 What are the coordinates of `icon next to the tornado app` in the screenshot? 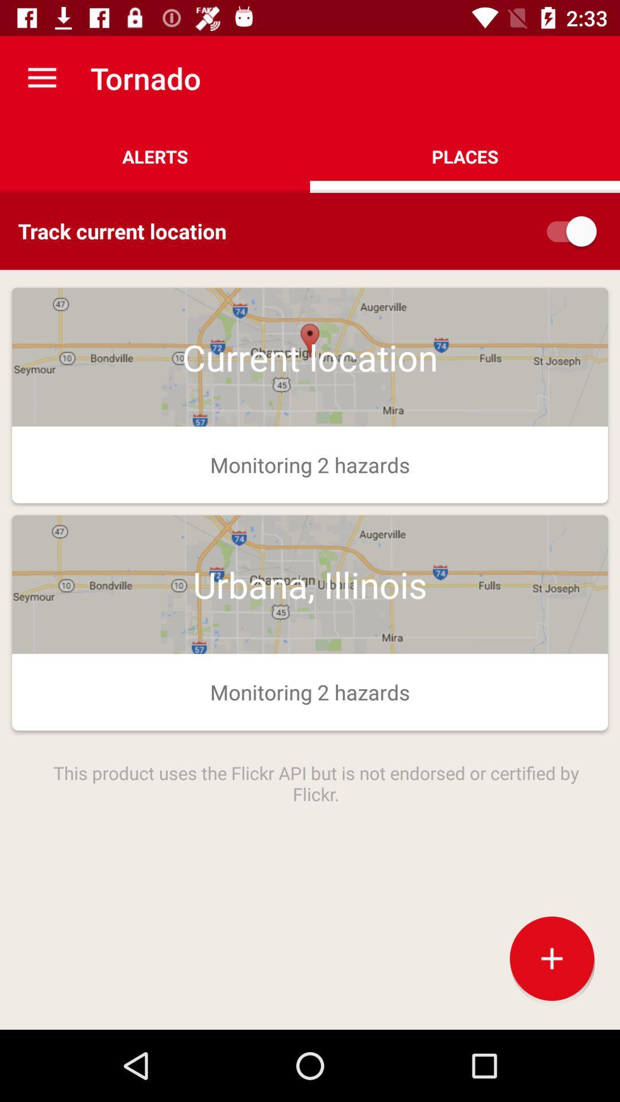 It's located at (41, 77).